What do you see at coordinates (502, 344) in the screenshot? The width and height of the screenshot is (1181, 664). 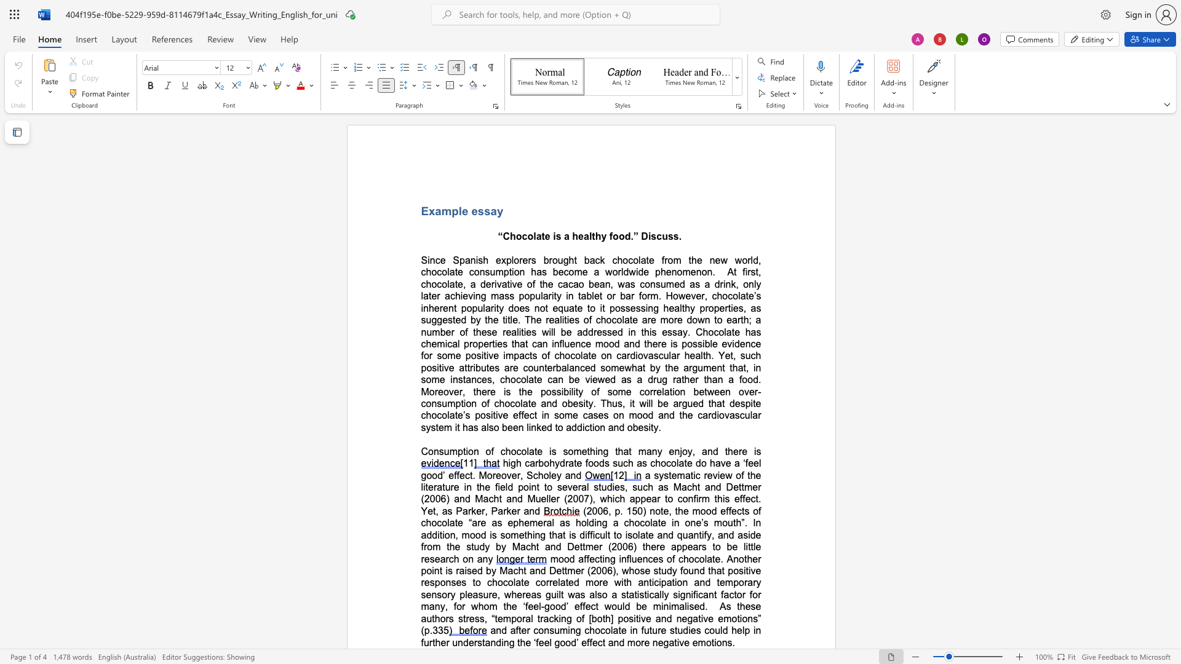 I see `the space between the continuous character "e" and "s" in the text` at bounding box center [502, 344].